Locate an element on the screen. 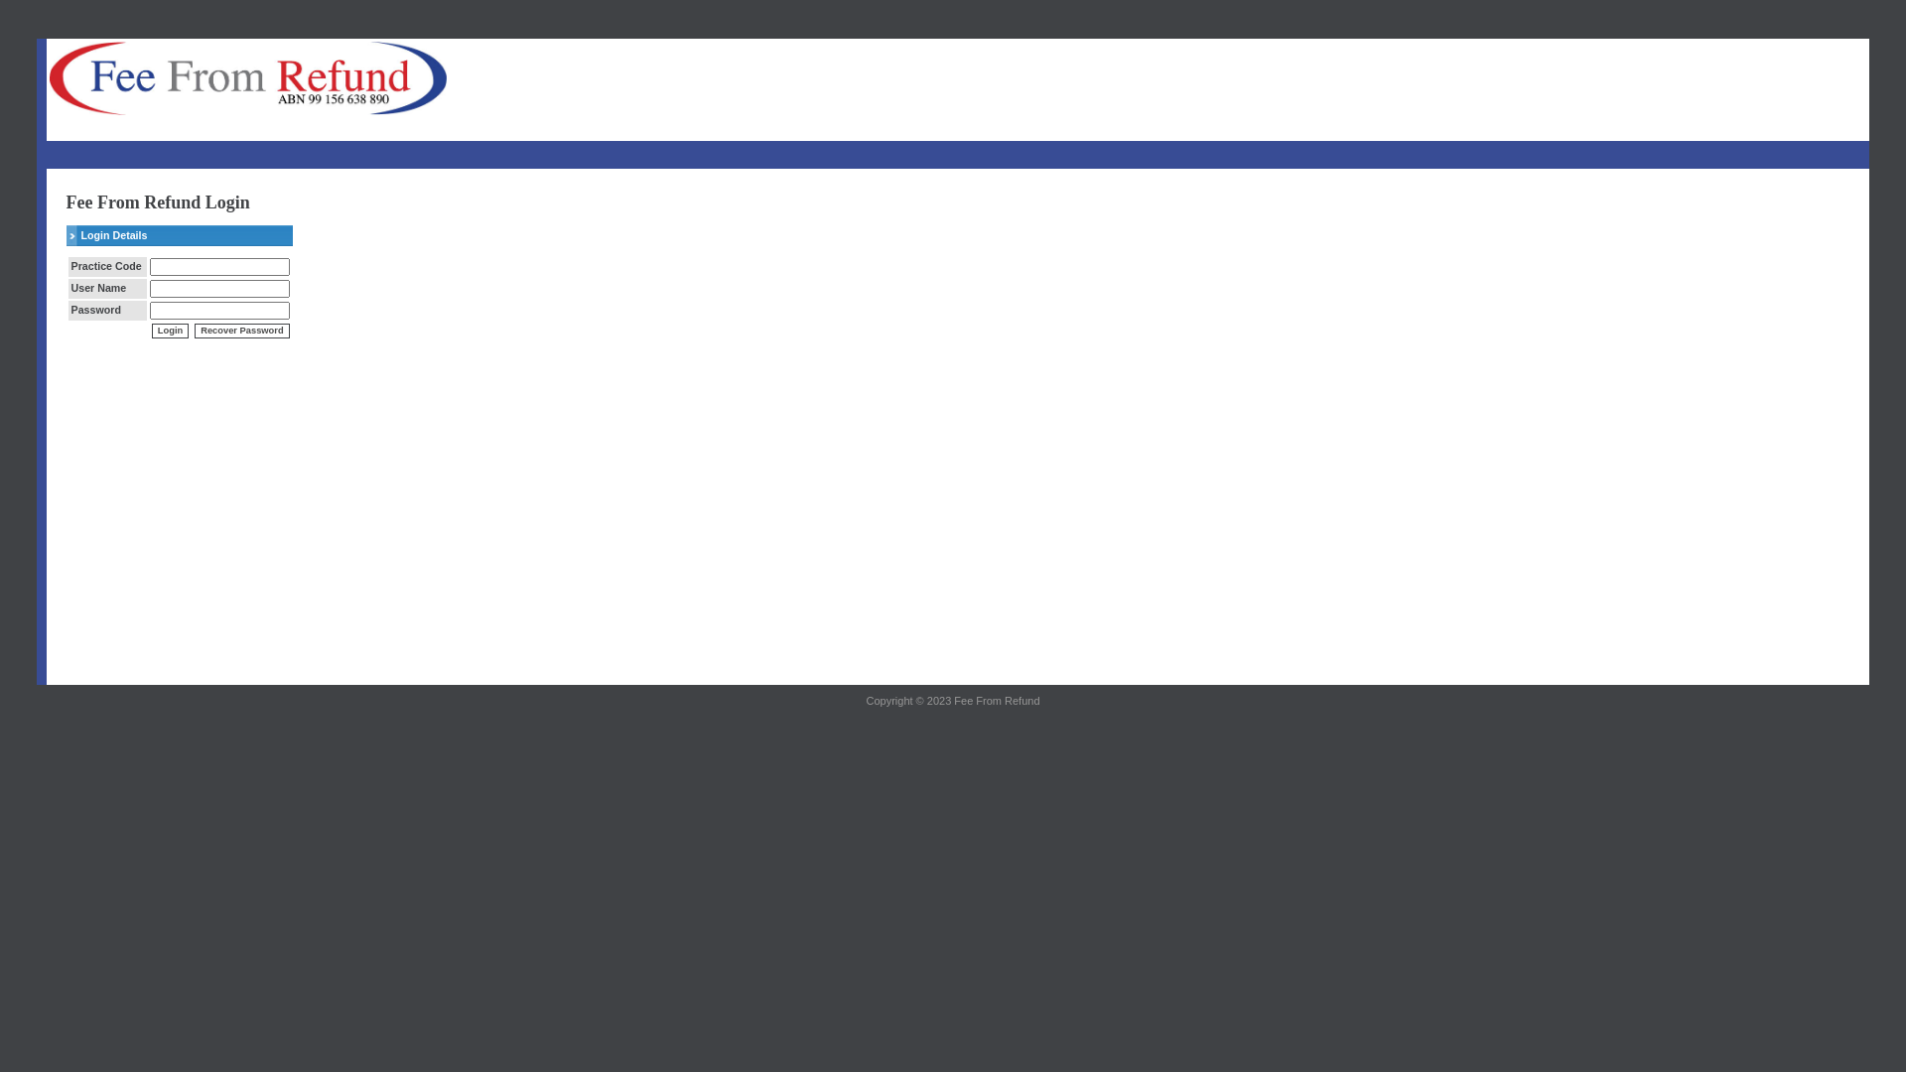 The image size is (1906, 1072). 'Recover Password' is located at coordinates (240, 330).